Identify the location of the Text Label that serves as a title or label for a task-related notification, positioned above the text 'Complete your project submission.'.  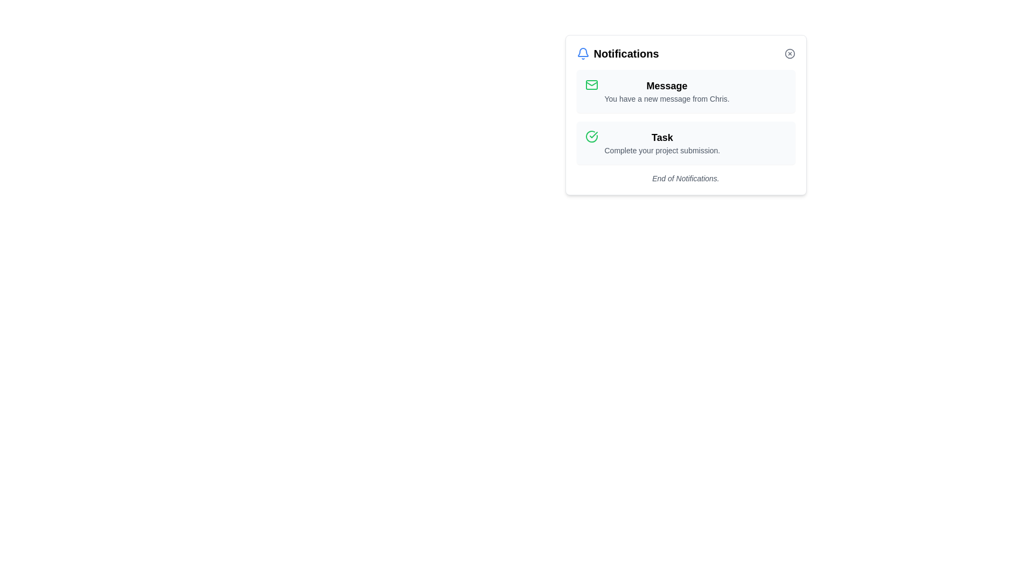
(661, 137).